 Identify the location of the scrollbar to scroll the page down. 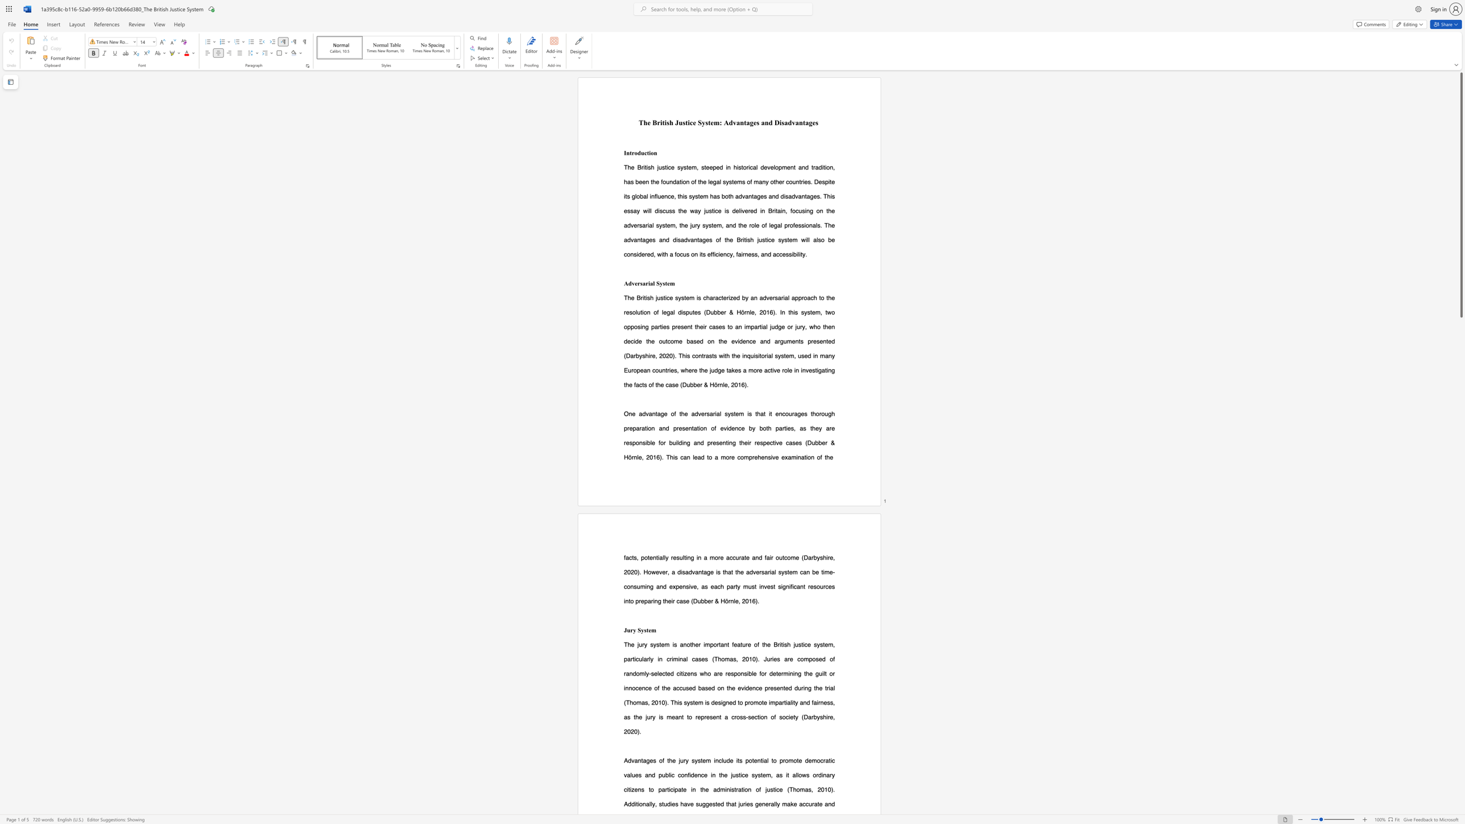
(1460, 800).